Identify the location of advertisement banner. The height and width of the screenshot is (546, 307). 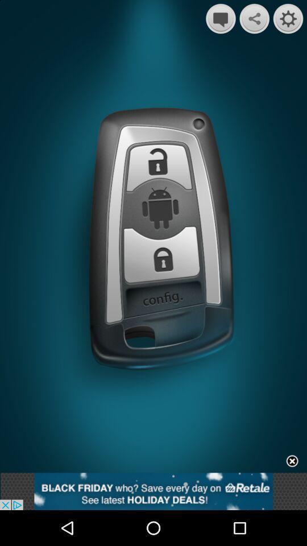
(292, 461).